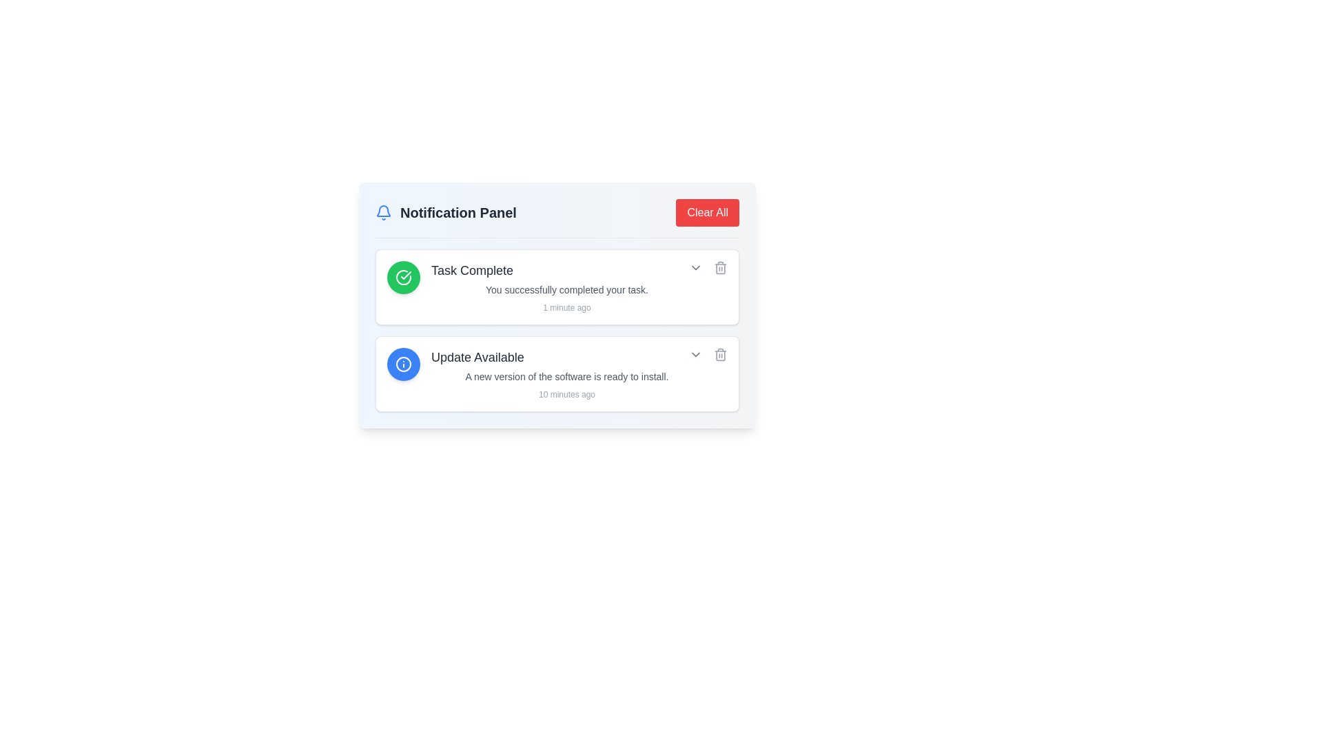  I want to click on the text element that states 'A new version of the software is ready to install.' which is styled in gray and positioned below the 'Update Available' header, so click(566, 377).